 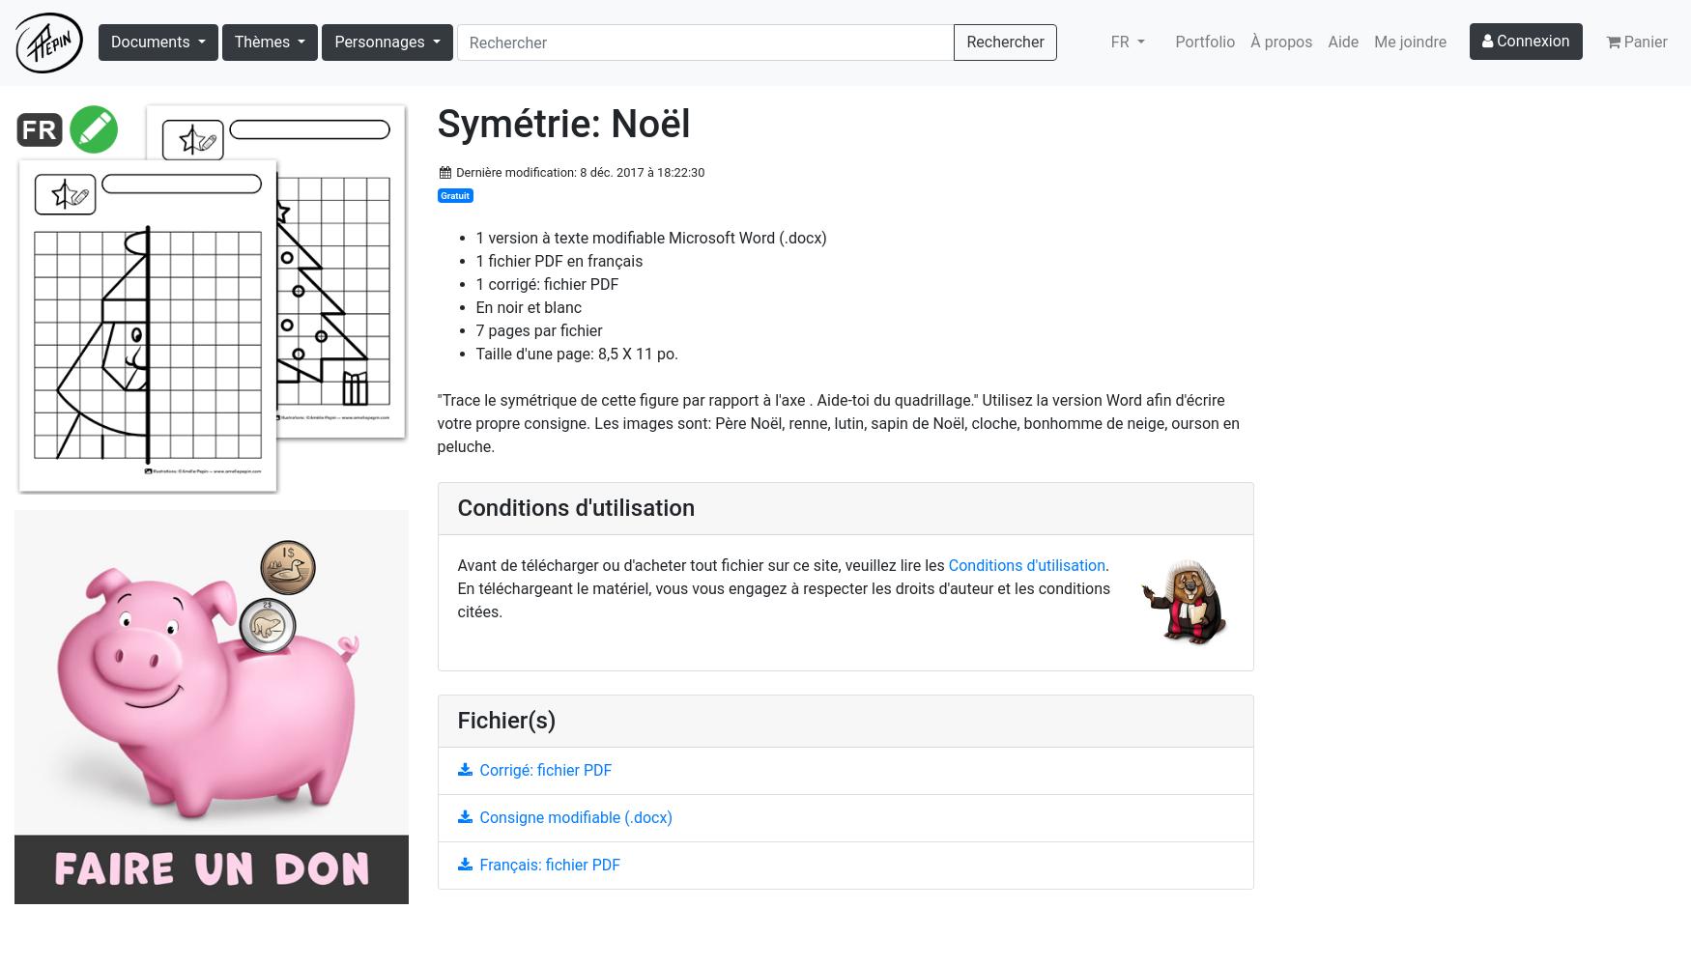 What do you see at coordinates (1175, 42) in the screenshot?
I see `'Portfolio'` at bounding box center [1175, 42].